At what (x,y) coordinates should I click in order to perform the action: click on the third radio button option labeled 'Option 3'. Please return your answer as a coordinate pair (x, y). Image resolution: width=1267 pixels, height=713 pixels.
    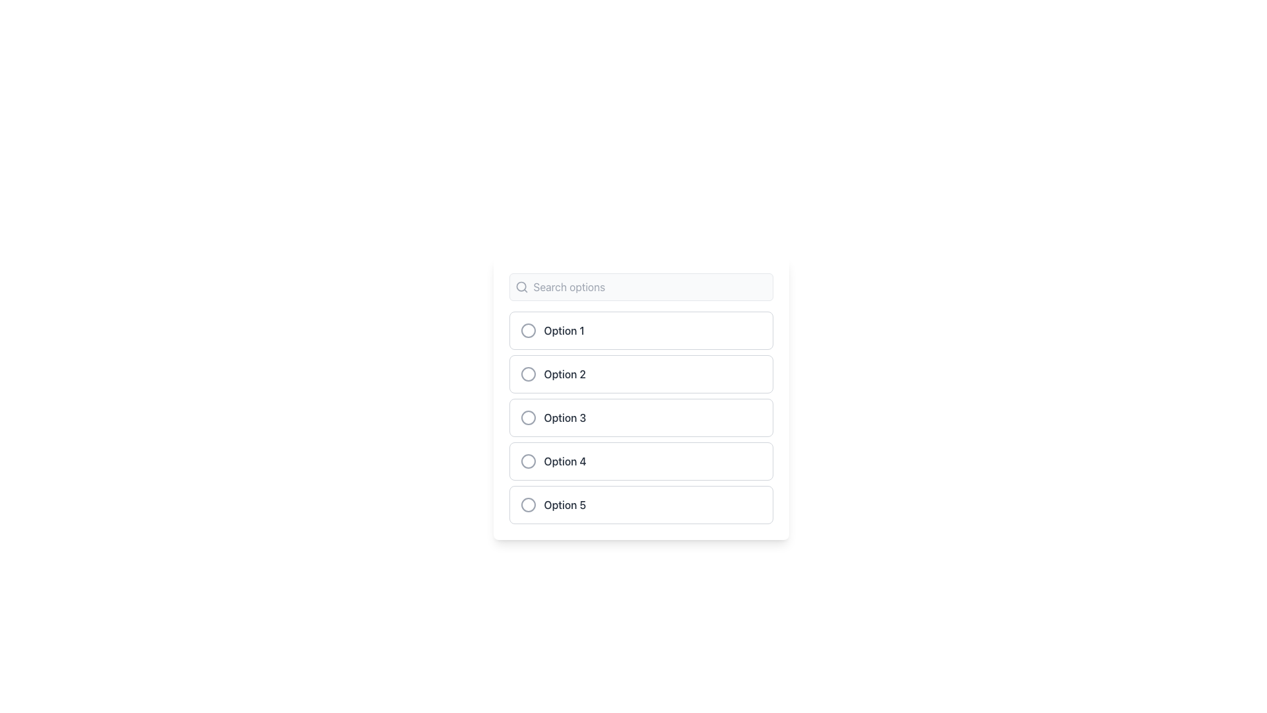
    Looking at the image, I should click on (641, 417).